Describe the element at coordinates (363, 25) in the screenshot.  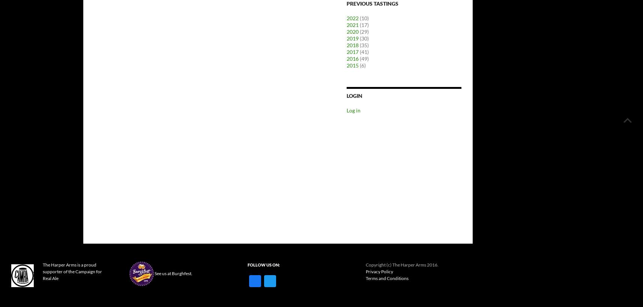
I see `'(17)'` at that location.